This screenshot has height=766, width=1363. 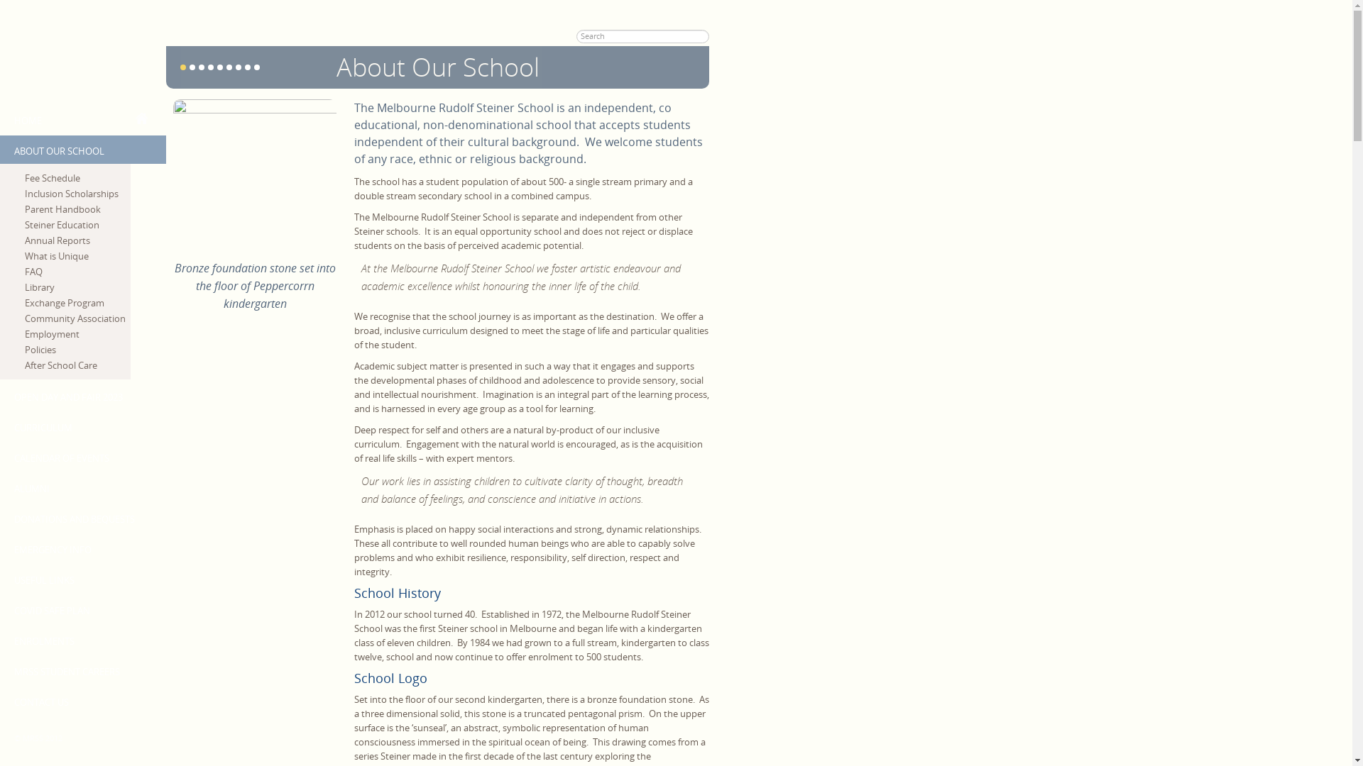 What do you see at coordinates (24, 240) in the screenshot?
I see `'Annual Reports'` at bounding box center [24, 240].